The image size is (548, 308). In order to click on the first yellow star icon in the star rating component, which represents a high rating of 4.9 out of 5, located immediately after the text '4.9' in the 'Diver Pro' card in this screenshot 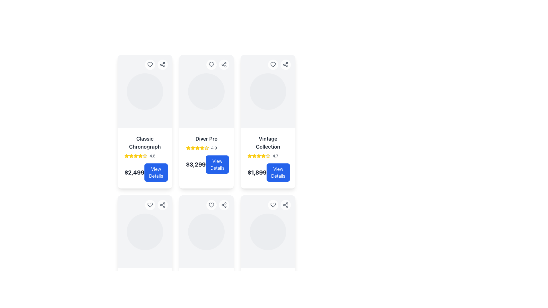, I will do `click(188, 148)`.